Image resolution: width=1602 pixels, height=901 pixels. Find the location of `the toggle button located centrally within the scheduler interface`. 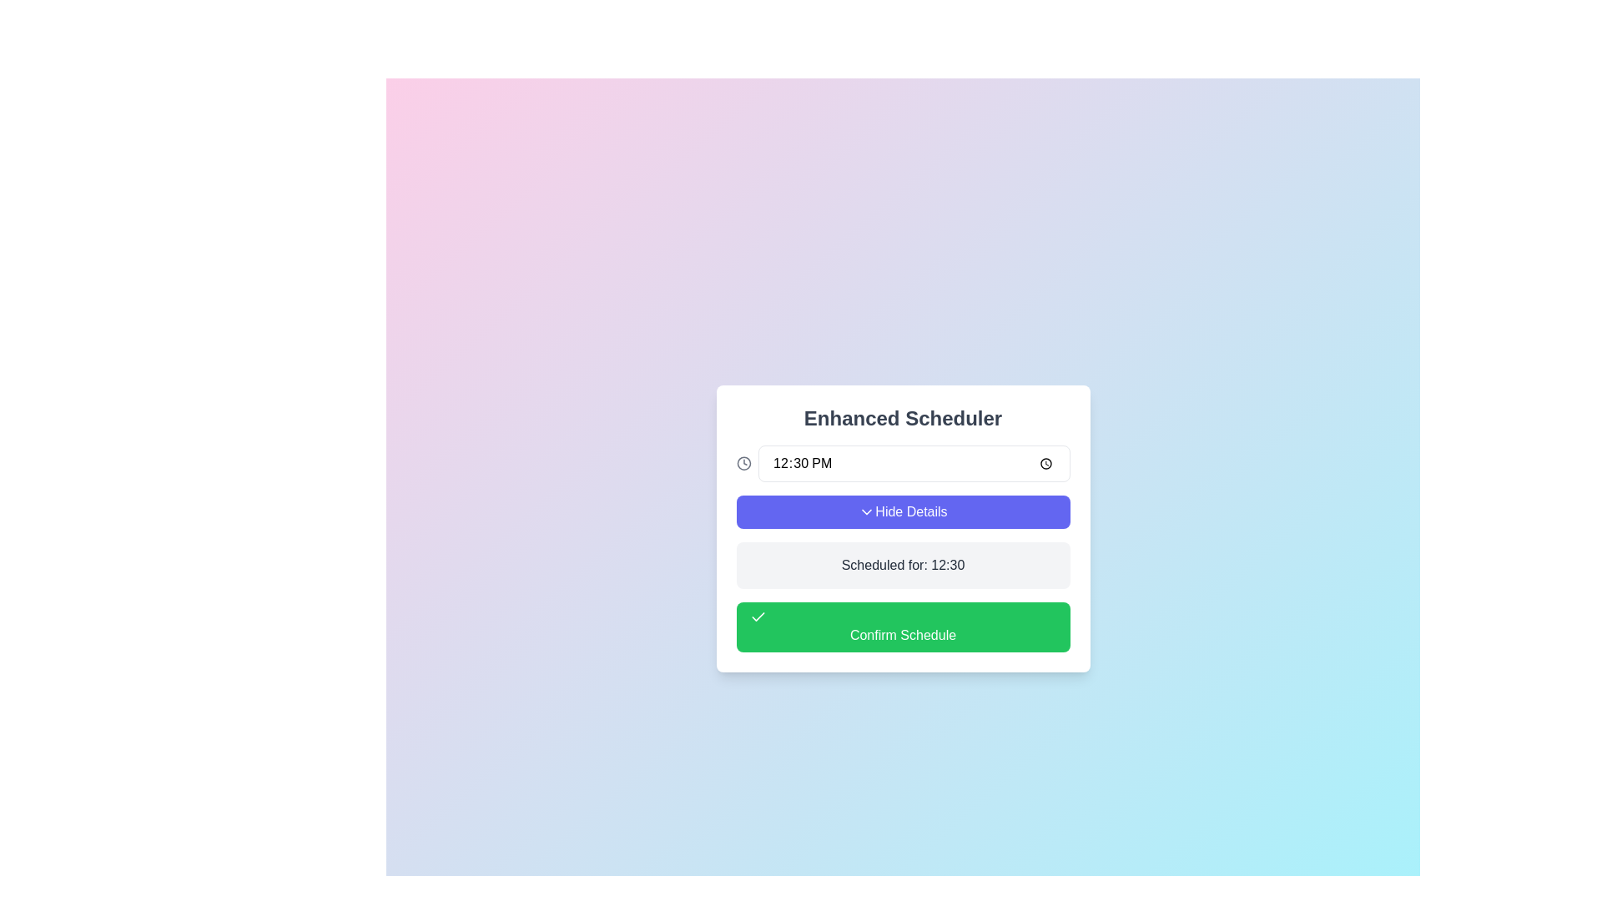

the toggle button located centrally within the scheduler interface is located at coordinates (902, 511).